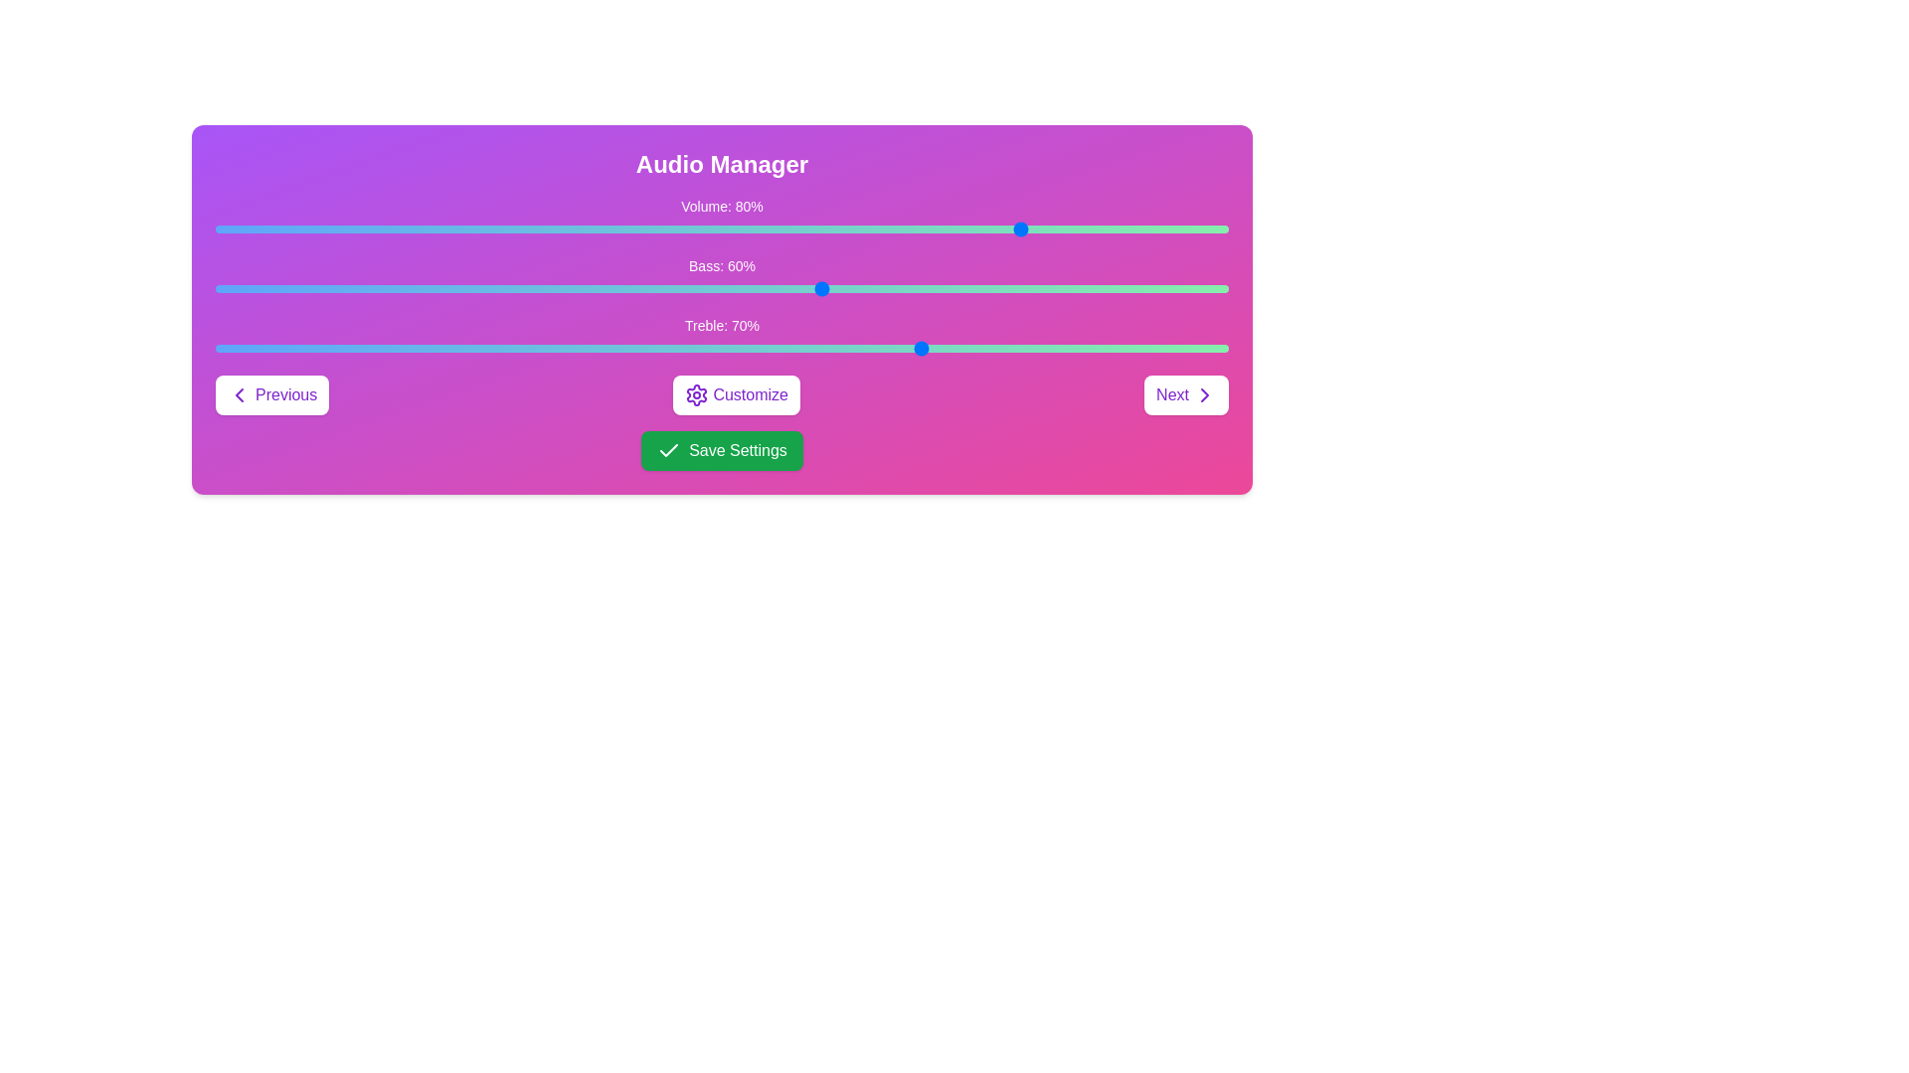 This screenshot has width=1909, height=1073. I want to click on the range slider track to move the thumb to a specific position, identified as the horizontal slider with a gradient background and a blue circular thumb at the 80% mark, located below the 'Audio Manager' label, so click(721, 218).